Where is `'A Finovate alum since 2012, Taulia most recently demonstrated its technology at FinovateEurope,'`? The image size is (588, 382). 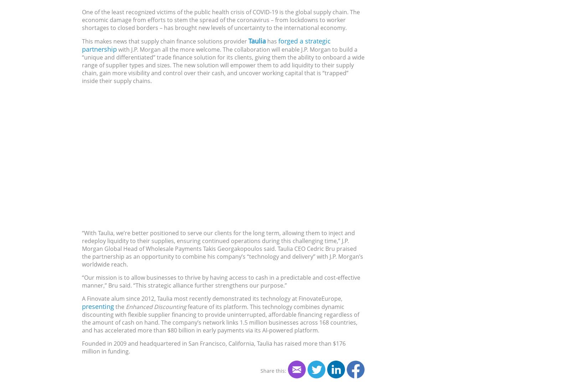 'A Finovate alum since 2012, Taulia most recently demonstrated its technology at FinovateEurope,' is located at coordinates (212, 298).